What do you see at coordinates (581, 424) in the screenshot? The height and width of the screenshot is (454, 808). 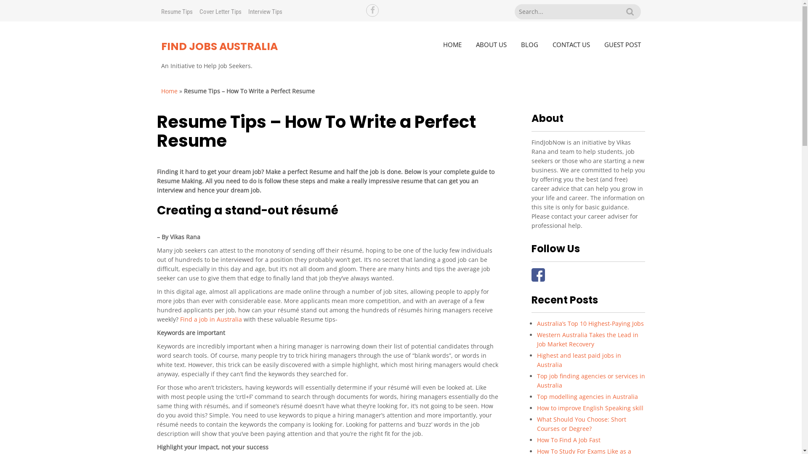 I see `'What Should You Choose: Short Courses or Degree?'` at bounding box center [581, 424].